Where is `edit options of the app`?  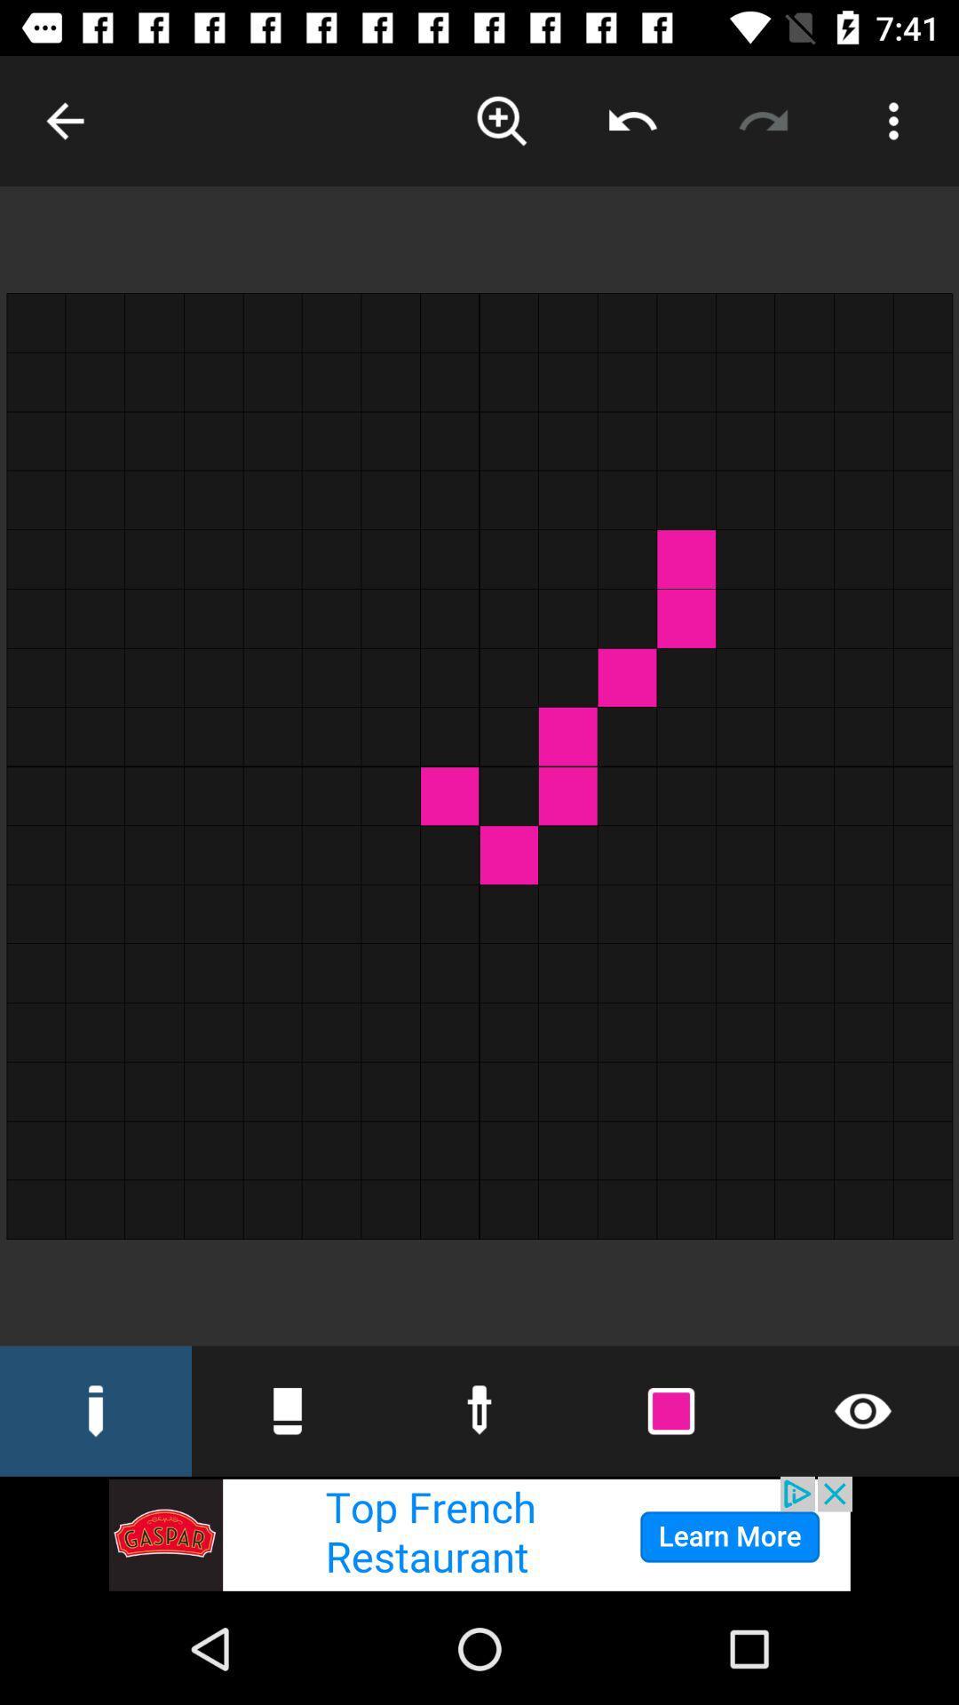 edit options of the app is located at coordinates (893, 120).